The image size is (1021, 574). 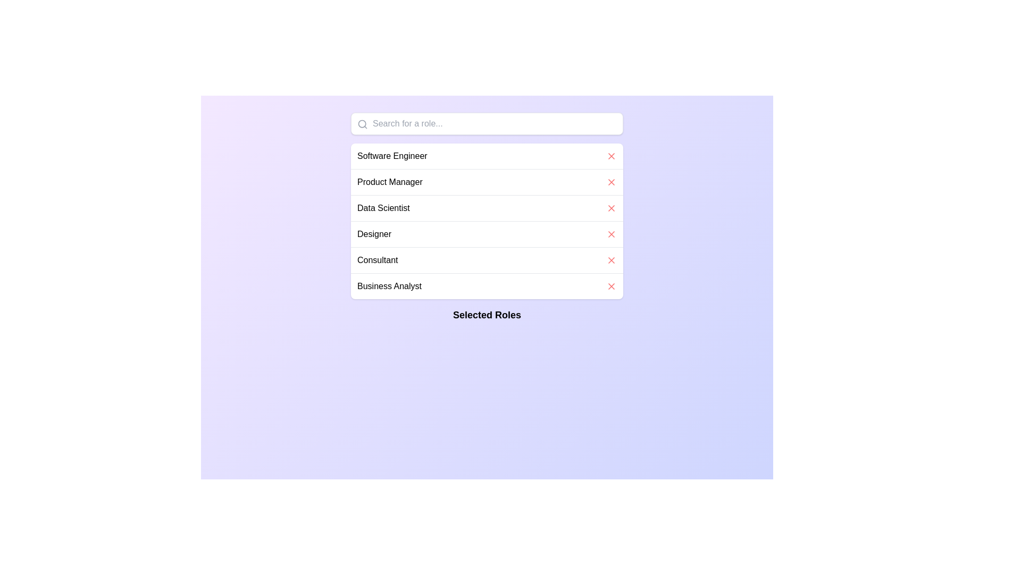 I want to click on the SVG Icon Button located to the far right of the 'Software Engineer' role in the list, so click(x=612, y=156).